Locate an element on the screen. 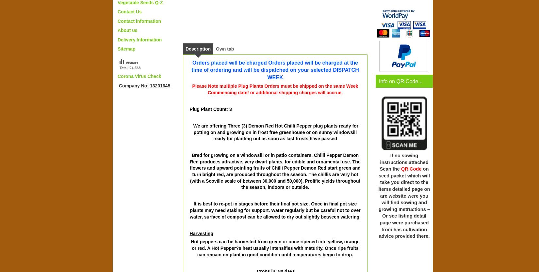 This screenshot has width=539, height=272. 'Please Note multiple Plug Plants Orders must be shipped on the same Week Commencing date! or additional shipping charges will accrue.' is located at coordinates (275, 88).